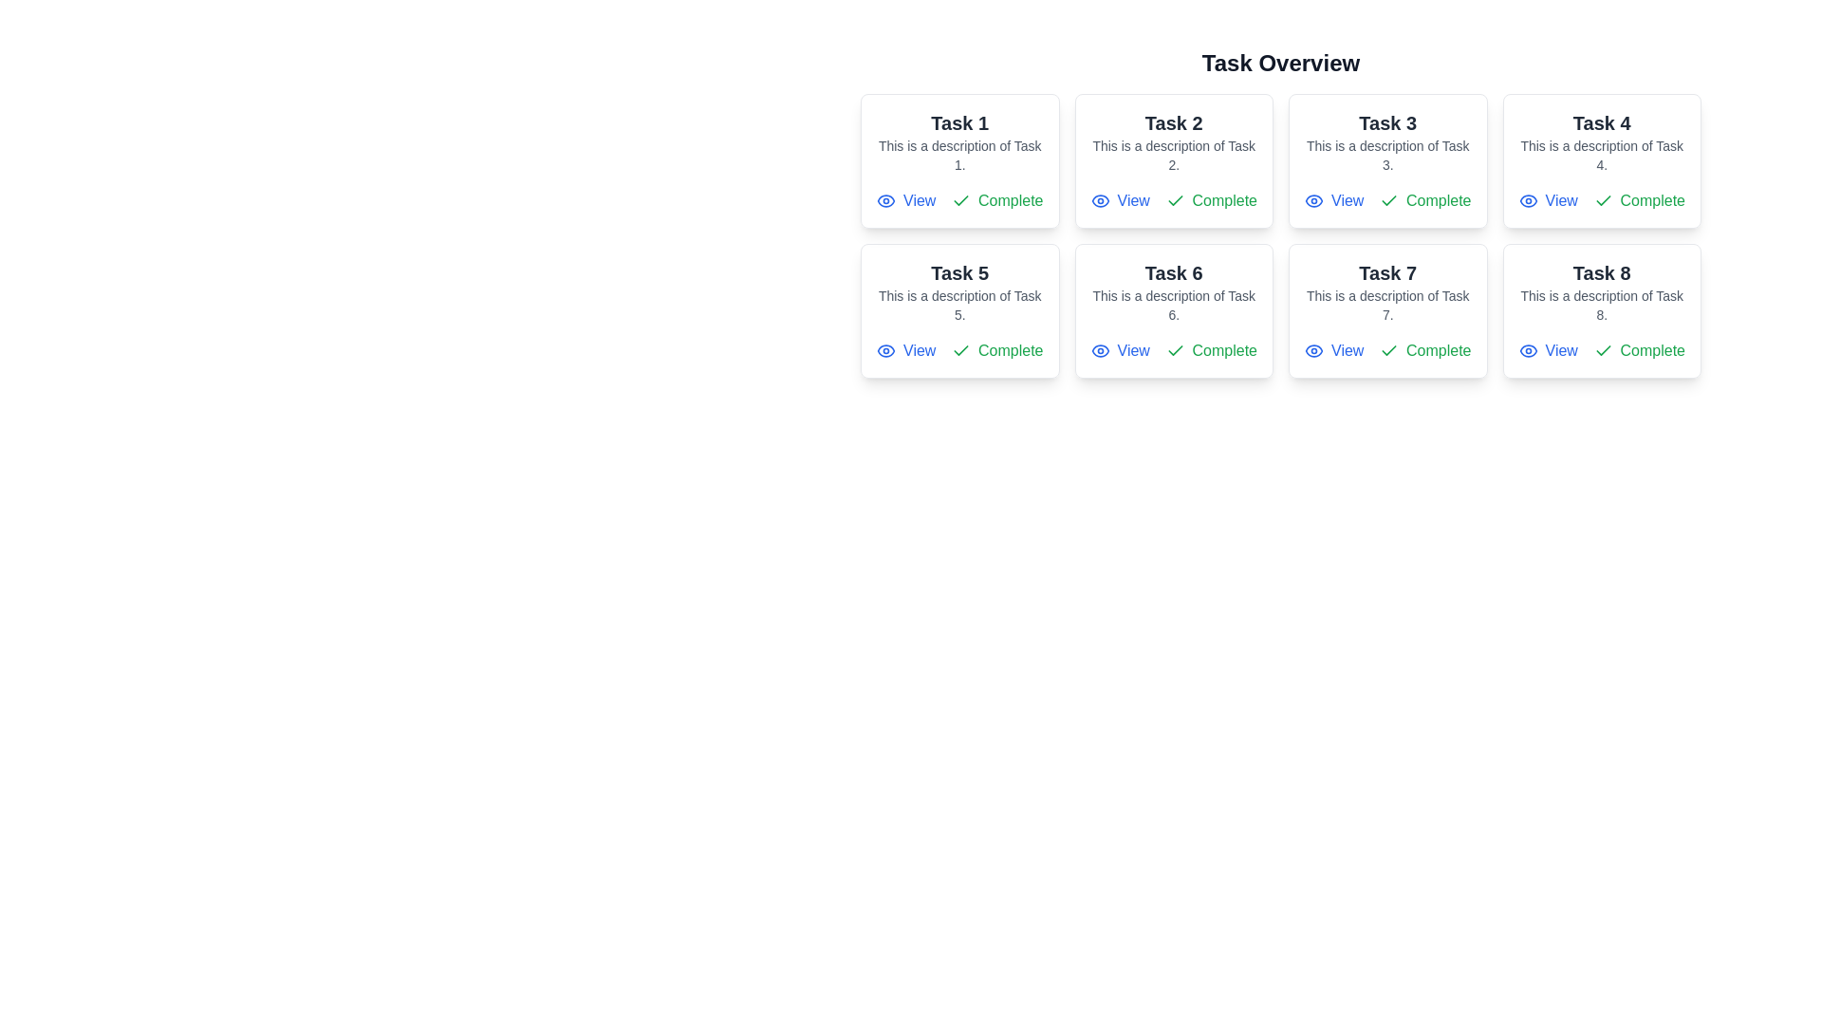  Describe the element at coordinates (905, 201) in the screenshot. I see `the blue eye icon button labeled 'View' located in the 'Task 1' card` at that location.